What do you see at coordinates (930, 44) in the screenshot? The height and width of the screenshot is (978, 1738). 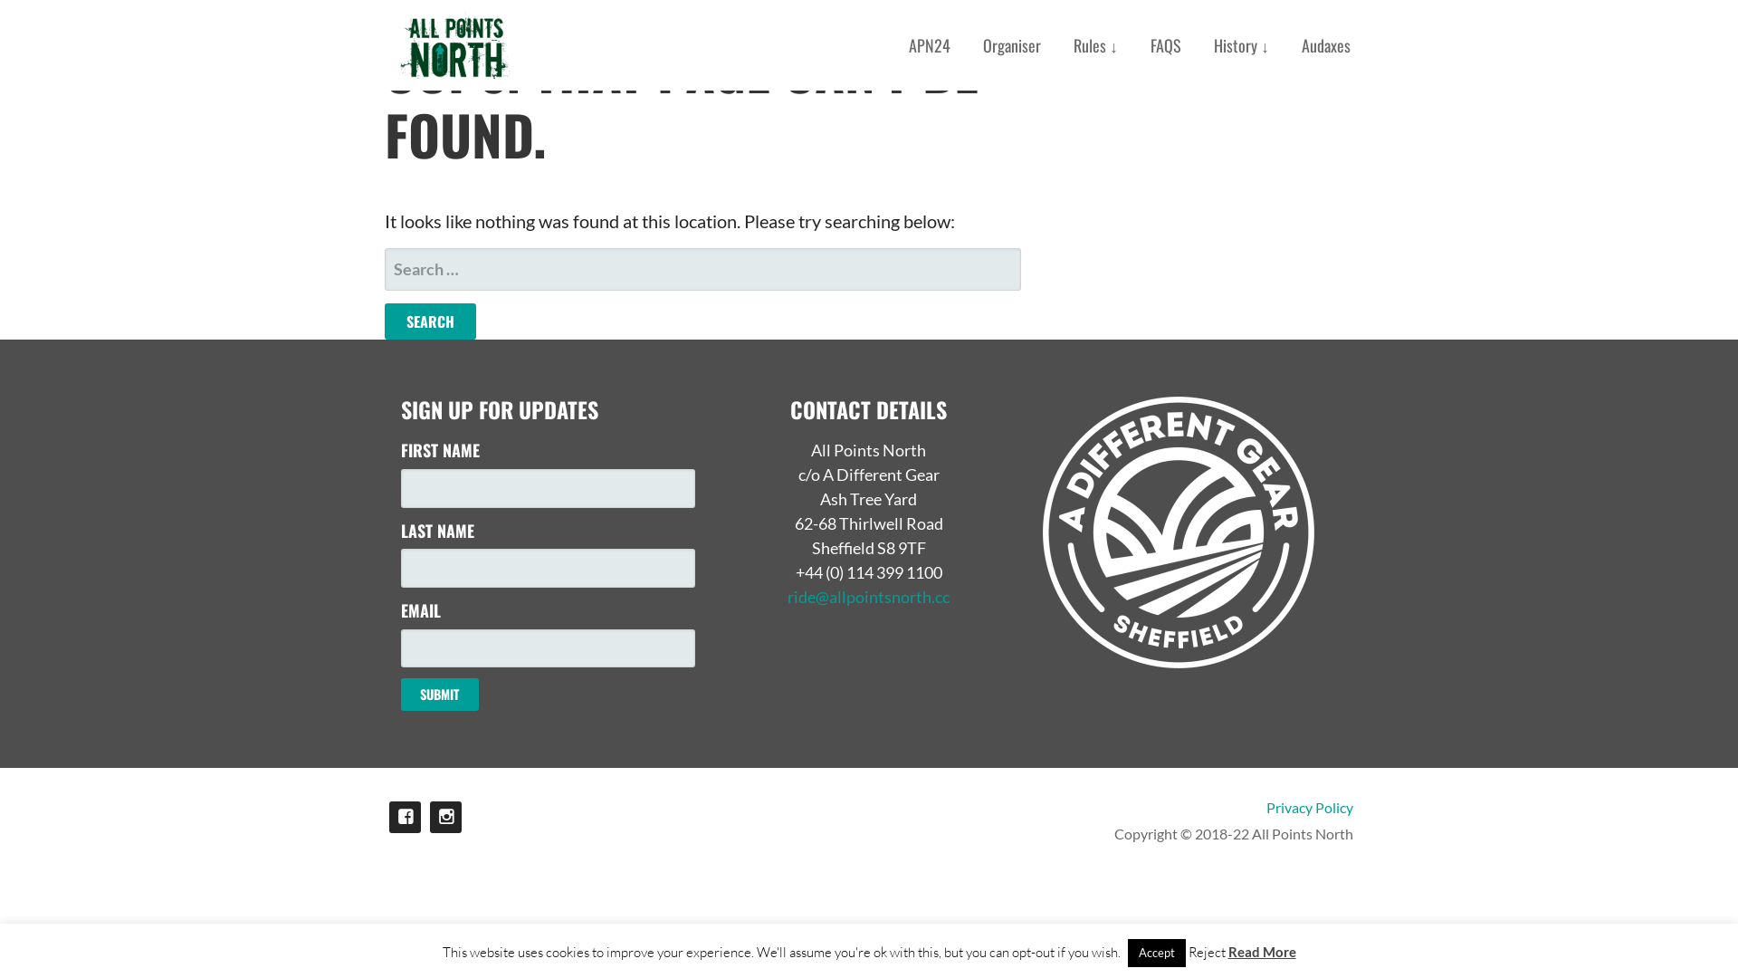 I see `'APN24'` at bounding box center [930, 44].